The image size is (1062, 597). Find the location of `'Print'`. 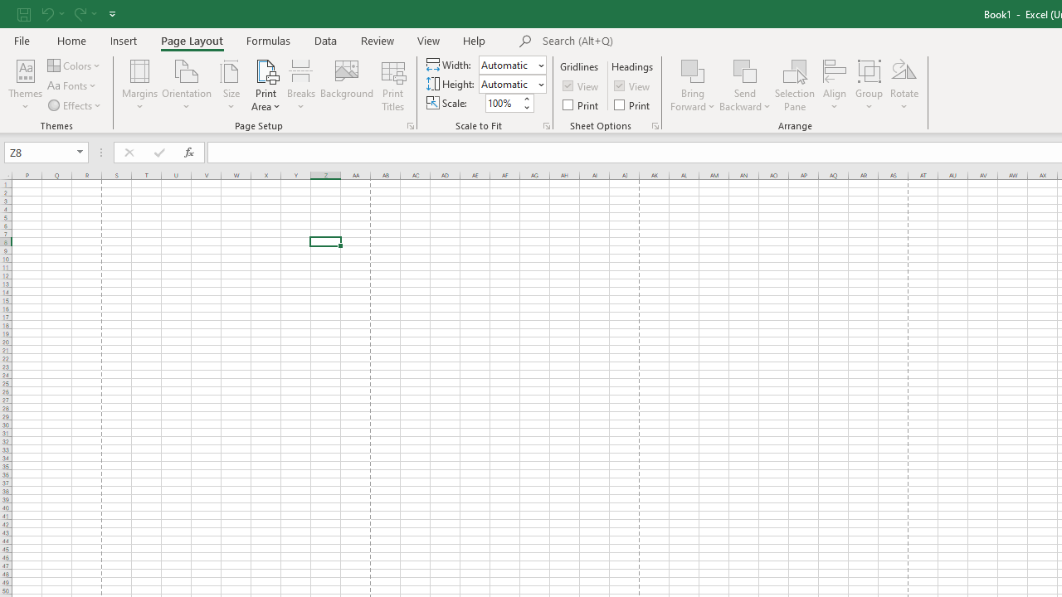

'Print' is located at coordinates (632, 104).